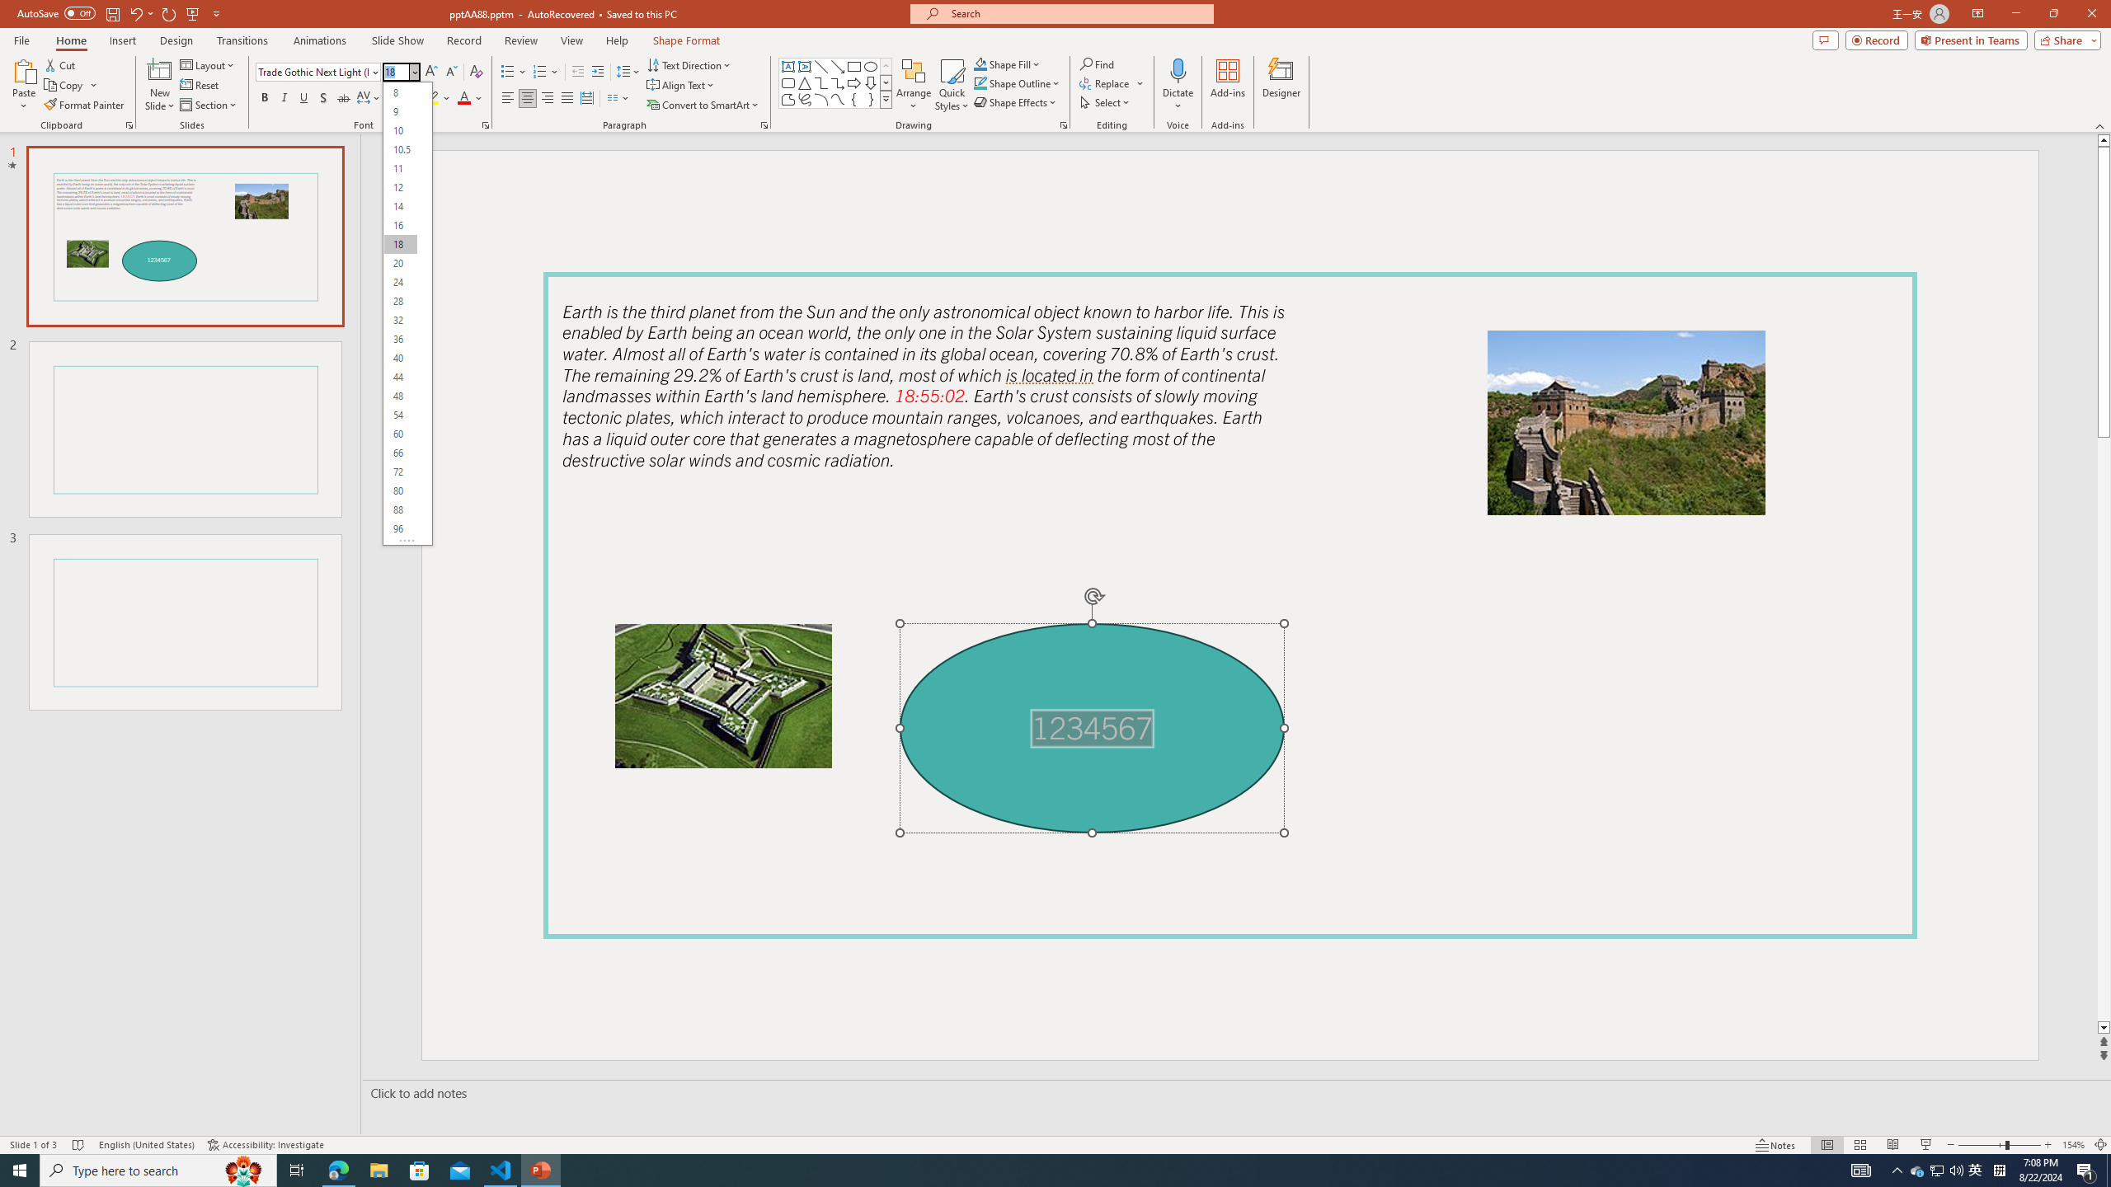  I want to click on 'Shape Outline Teal, Accent 1', so click(980, 82).